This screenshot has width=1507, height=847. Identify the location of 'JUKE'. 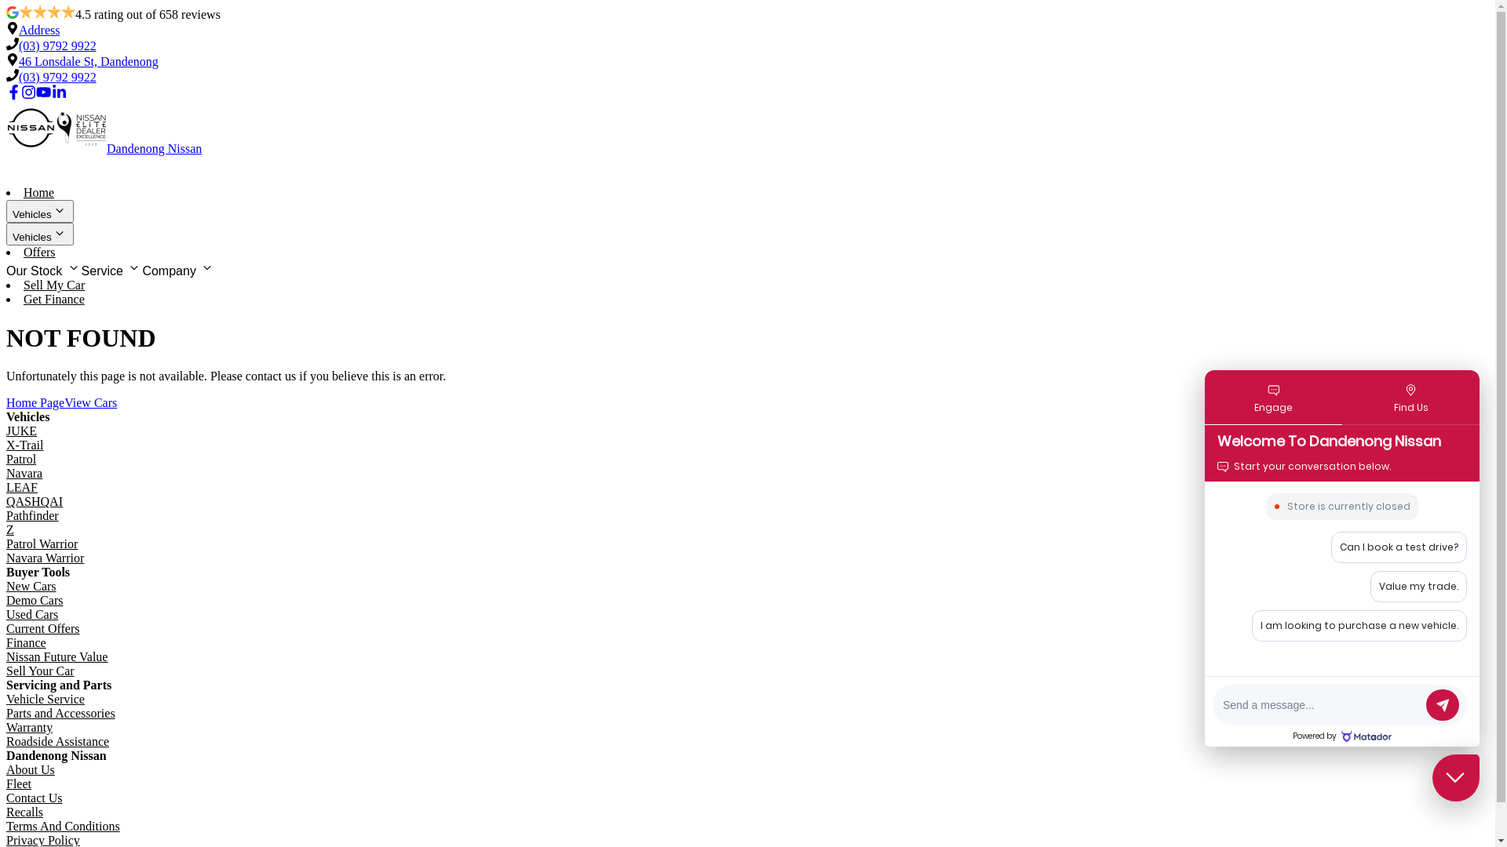
(21, 431).